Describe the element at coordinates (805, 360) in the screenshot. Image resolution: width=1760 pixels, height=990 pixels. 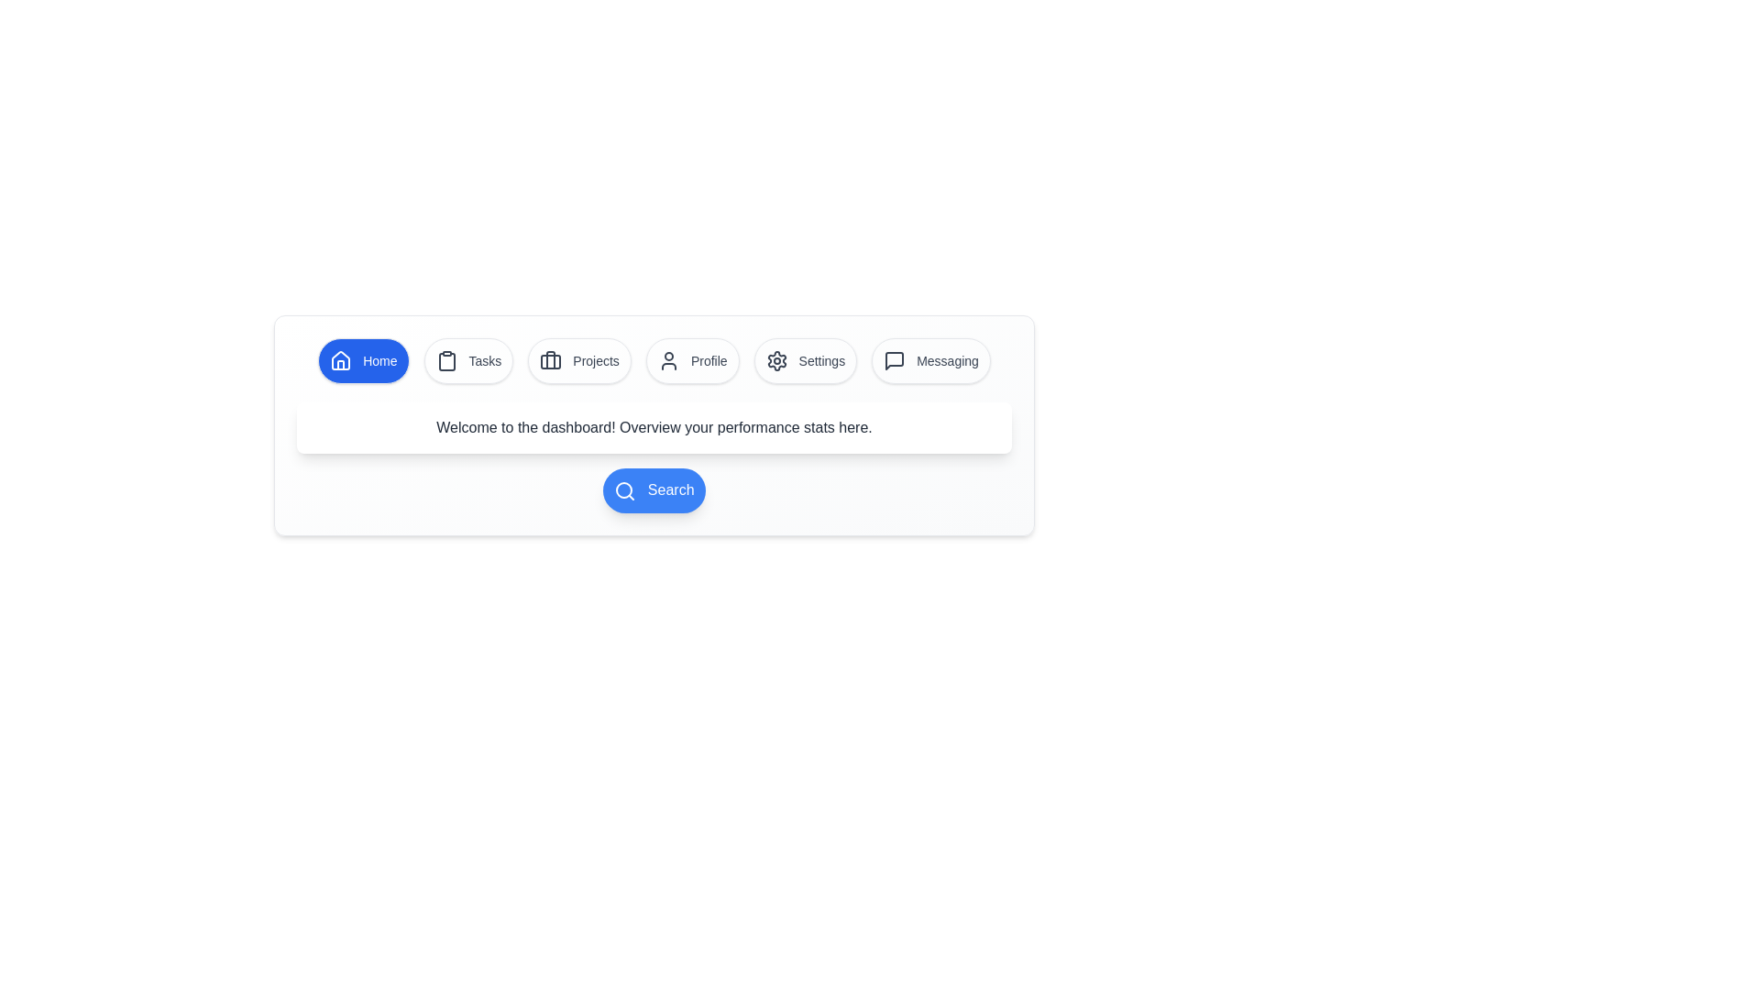
I see `the 'Settings' button, which is the fifth button in a group of horizontally aligned buttons at the center-top section` at that location.